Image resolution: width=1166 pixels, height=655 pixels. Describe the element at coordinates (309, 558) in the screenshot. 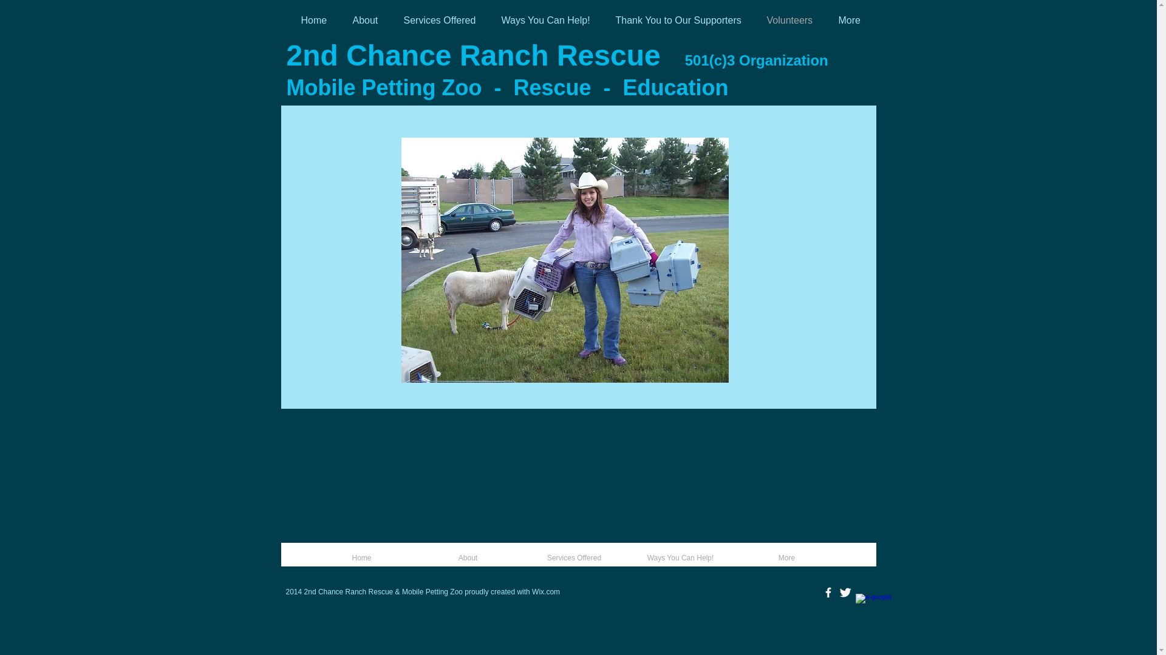

I see `'Home'` at that location.